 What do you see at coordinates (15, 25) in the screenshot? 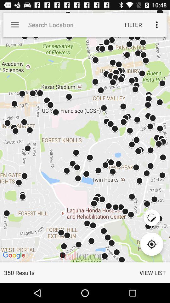
I see `the app to the left of the search location item` at bounding box center [15, 25].